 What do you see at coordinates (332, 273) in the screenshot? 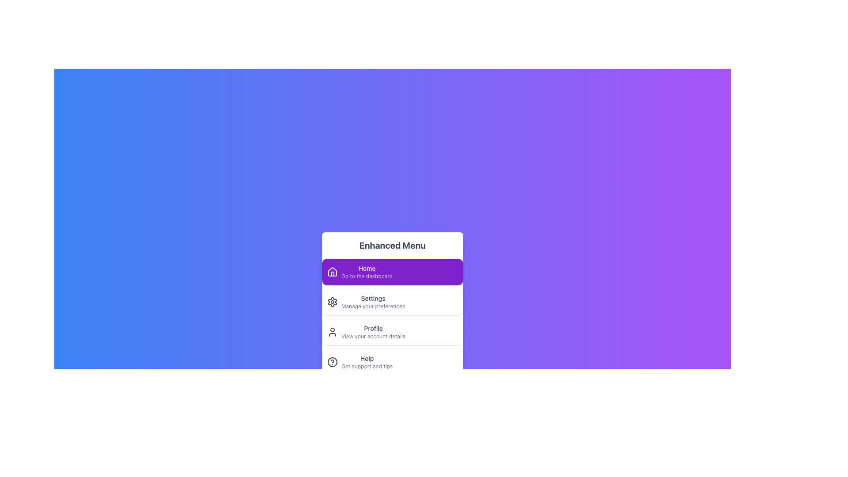
I see `the vertical segment of the house shape icon within the 'Home' button located at the top-left corner` at bounding box center [332, 273].